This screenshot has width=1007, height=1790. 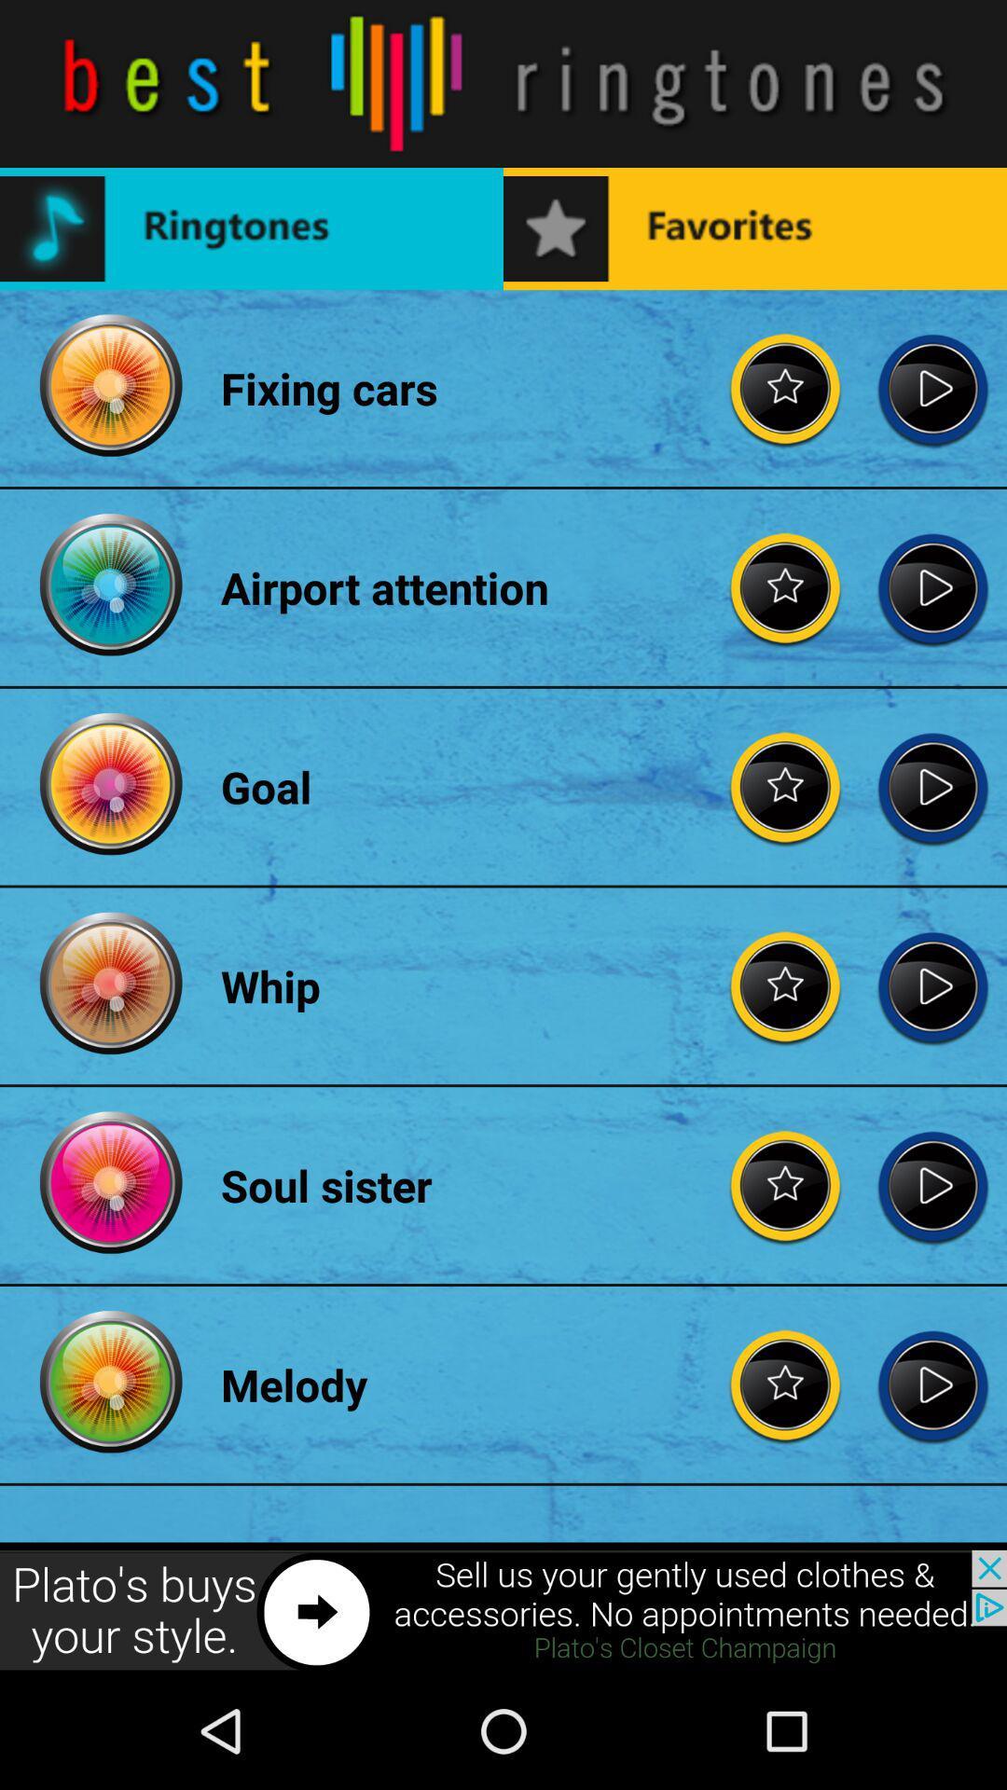 What do you see at coordinates (786, 586) in the screenshot?
I see `favorite` at bounding box center [786, 586].